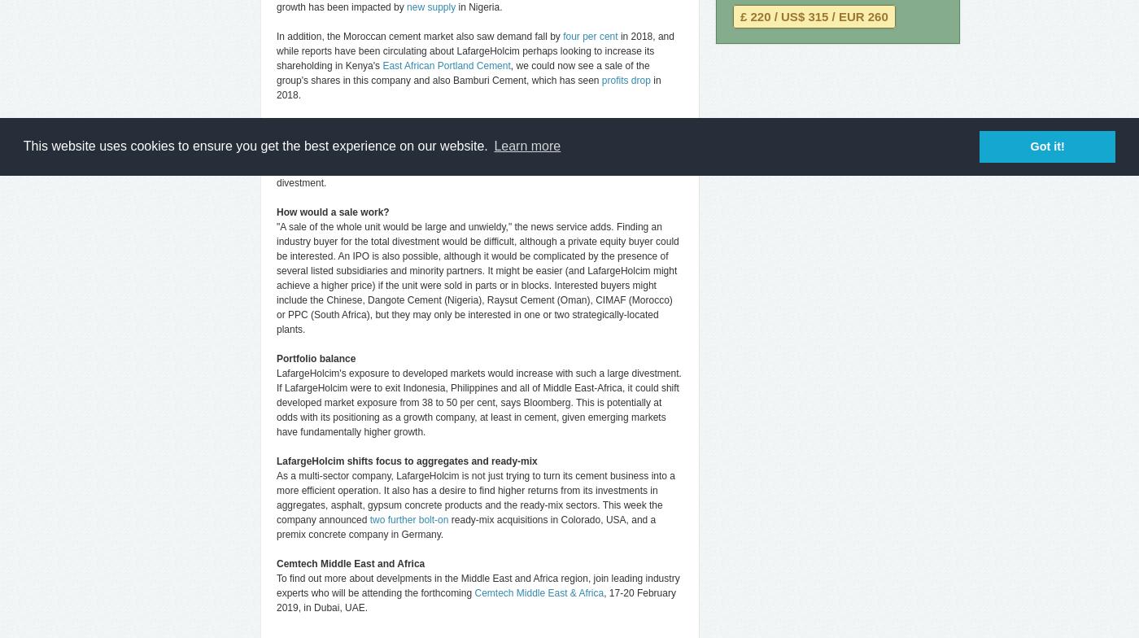 This screenshot has width=1139, height=638. What do you see at coordinates (466, 527) in the screenshot?
I see `'ready-mix acquisitions in Colorado, USA, and a premix concrete company in Germany.'` at bounding box center [466, 527].